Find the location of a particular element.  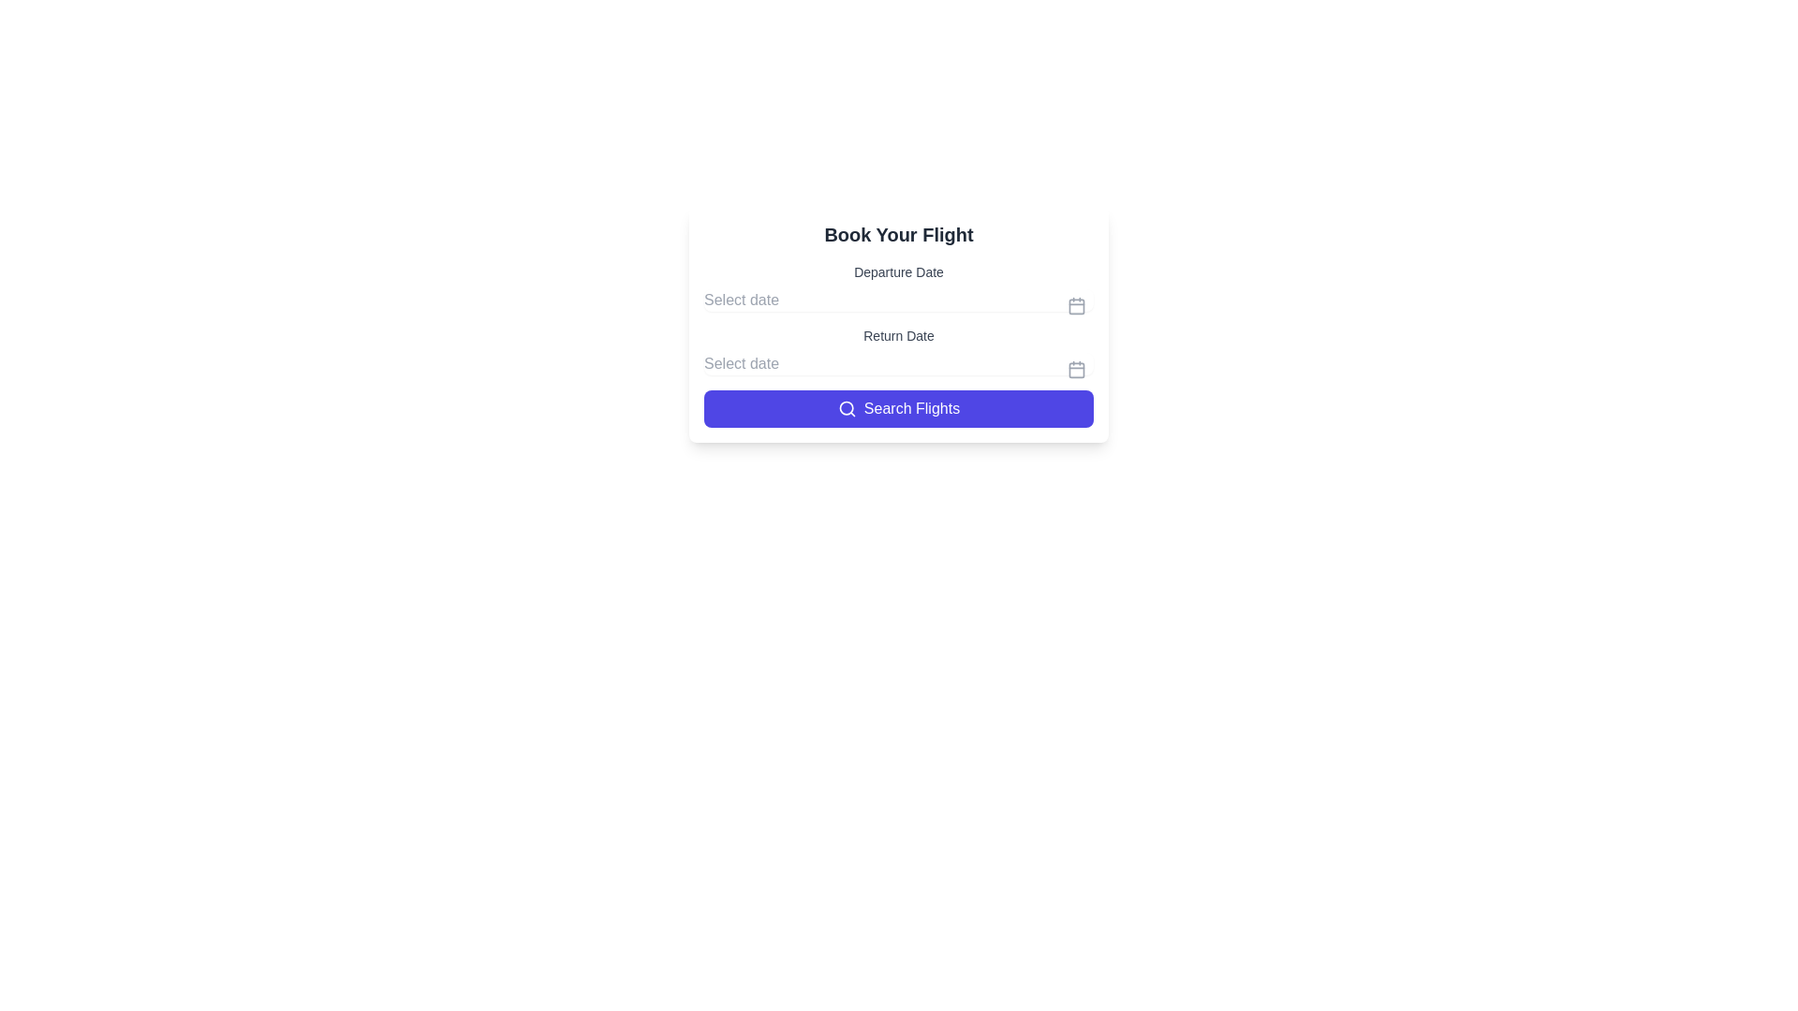

the search icon located within the 'Search Flights' button, which is visually represented to indicate initiating a flight search is located at coordinates (846, 407).